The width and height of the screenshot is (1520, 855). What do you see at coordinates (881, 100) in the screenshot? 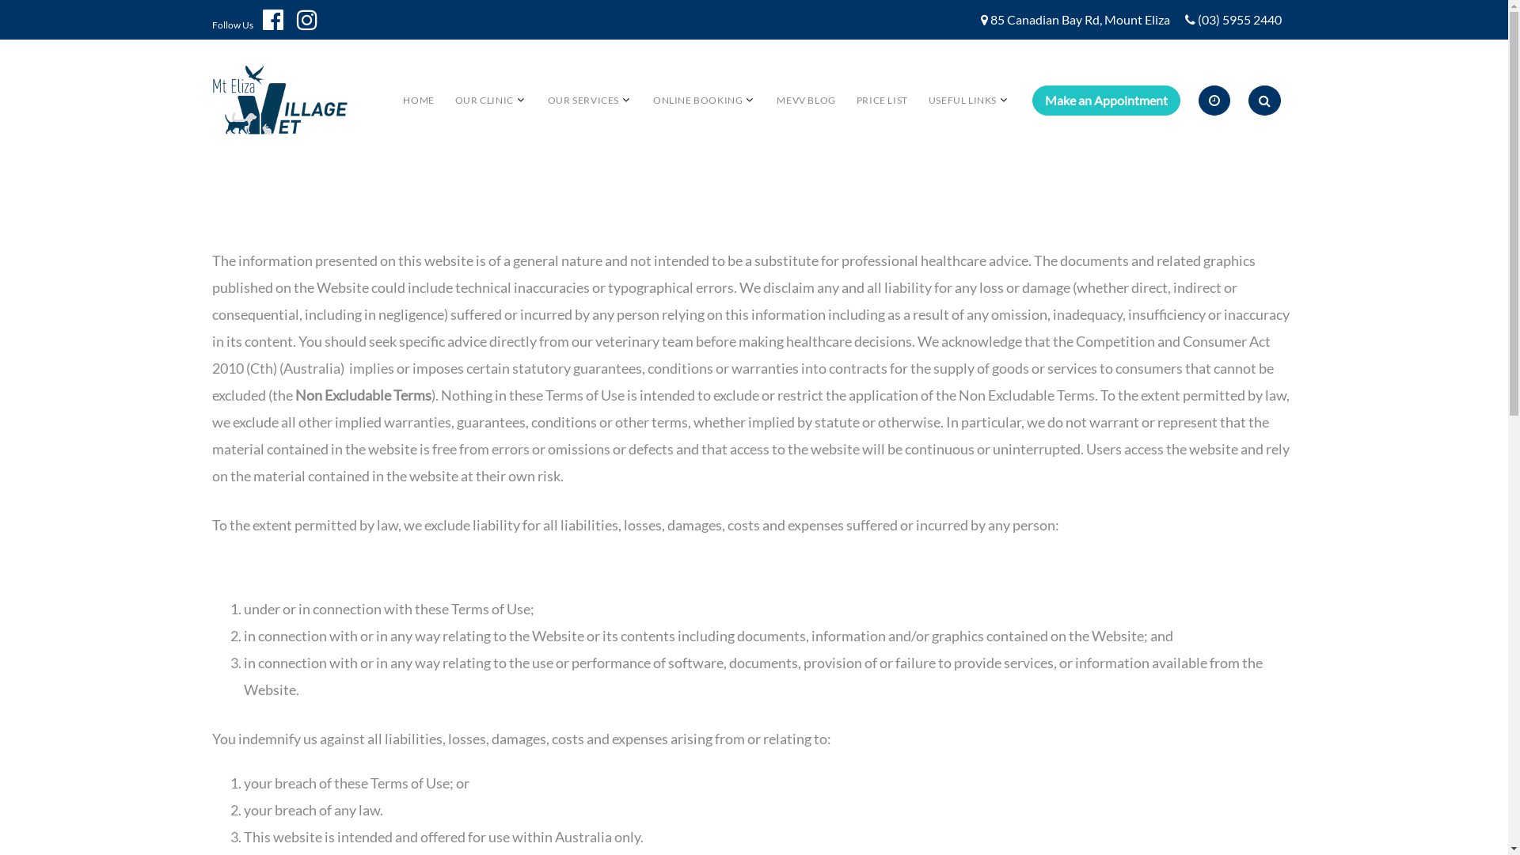
I see `'PRICE LIST'` at bounding box center [881, 100].